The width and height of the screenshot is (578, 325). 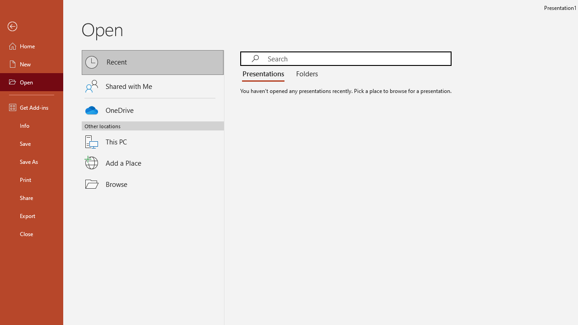 I want to click on 'Info', so click(x=31, y=125).